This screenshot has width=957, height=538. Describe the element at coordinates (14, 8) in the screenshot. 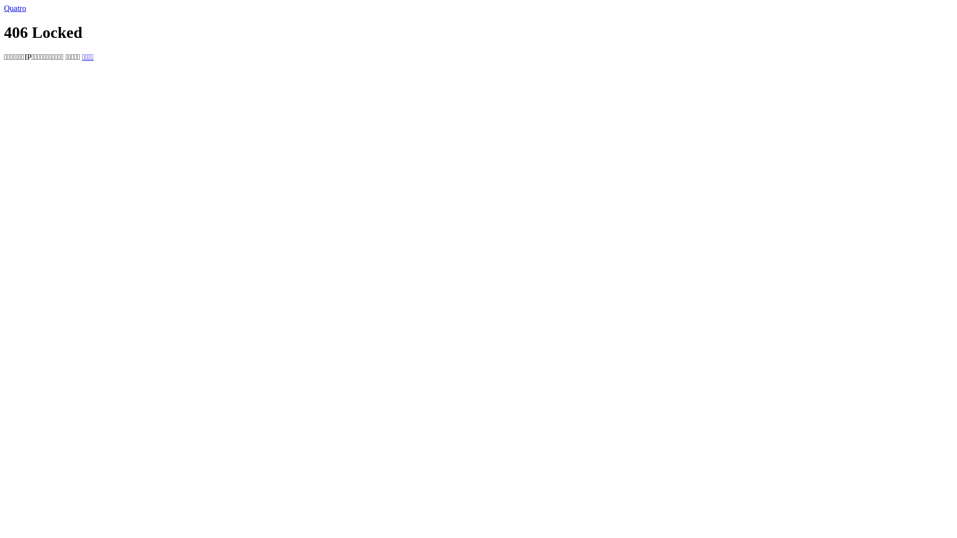

I see `'Quatro'` at that location.